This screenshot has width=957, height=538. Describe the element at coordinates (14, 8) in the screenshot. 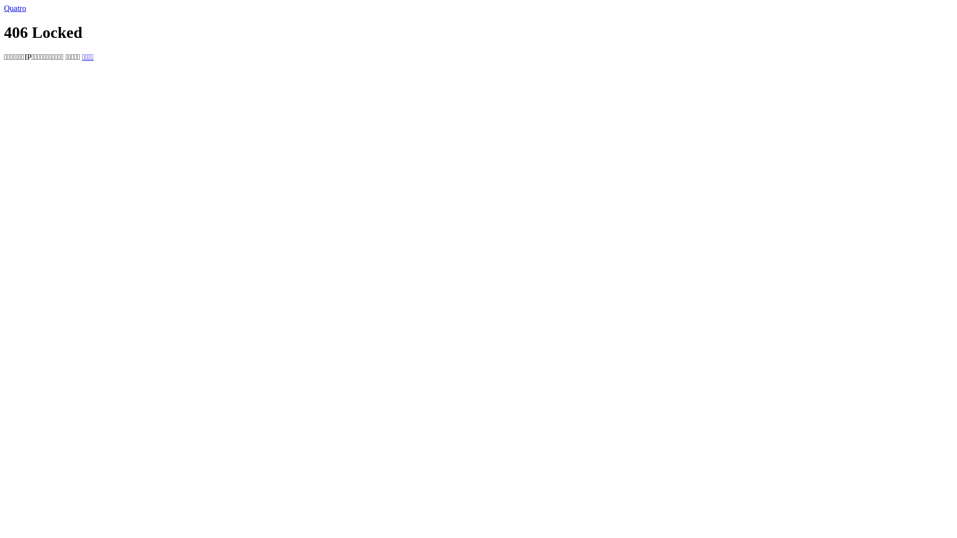

I see `'Quatro'` at that location.